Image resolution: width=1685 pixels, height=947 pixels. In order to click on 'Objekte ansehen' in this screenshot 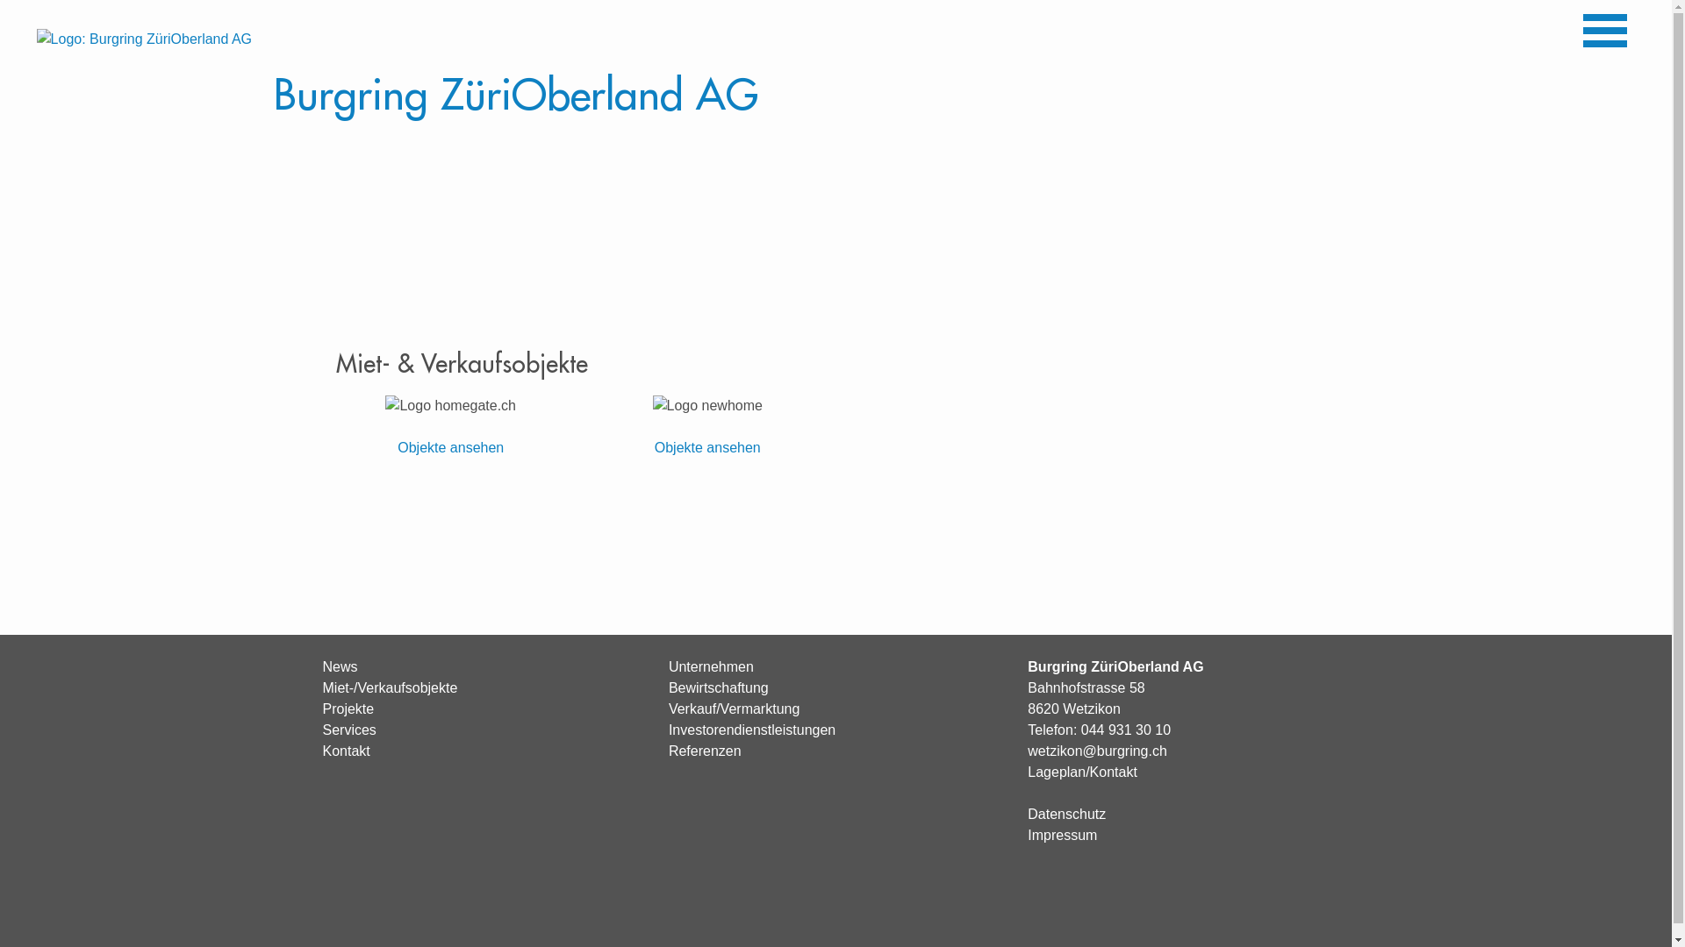, I will do `click(450, 446)`.